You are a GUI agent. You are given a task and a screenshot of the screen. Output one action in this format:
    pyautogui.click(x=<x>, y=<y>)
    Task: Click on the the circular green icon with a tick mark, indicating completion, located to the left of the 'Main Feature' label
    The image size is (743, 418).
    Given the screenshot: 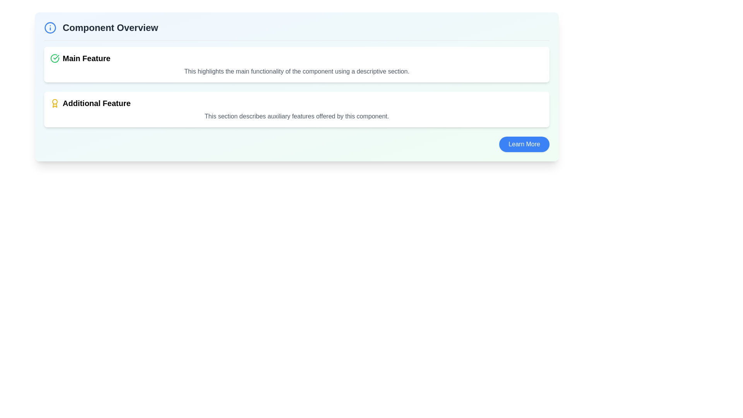 What is the action you would take?
    pyautogui.click(x=55, y=58)
    